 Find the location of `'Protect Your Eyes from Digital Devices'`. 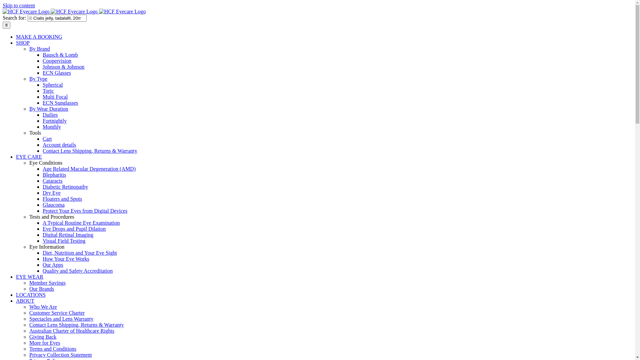

'Protect Your Eyes from Digital Devices' is located at coordinates (84, 211).